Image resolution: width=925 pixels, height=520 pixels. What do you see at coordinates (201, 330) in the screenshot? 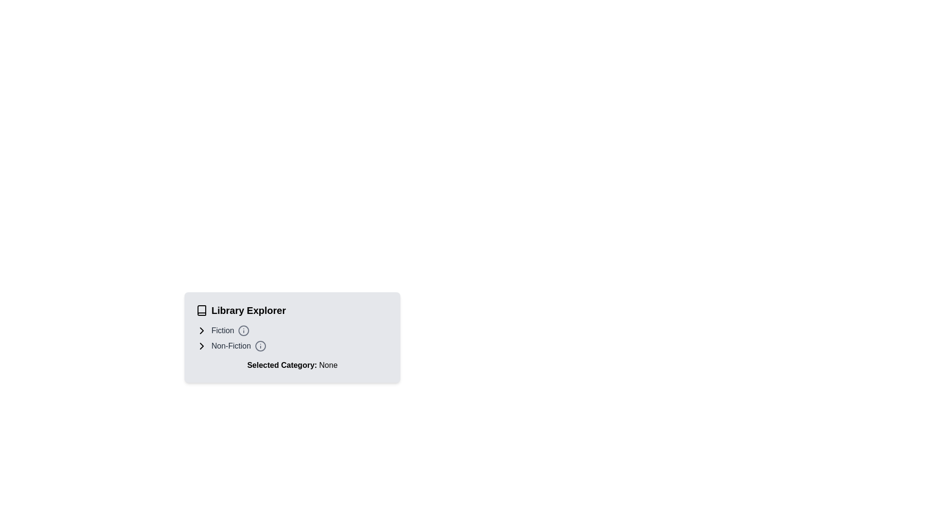
I see `the Chevron icon button that expands or collapses the 'Fiction' category's content to receive visual feedback` at bounding box center [201, 330].